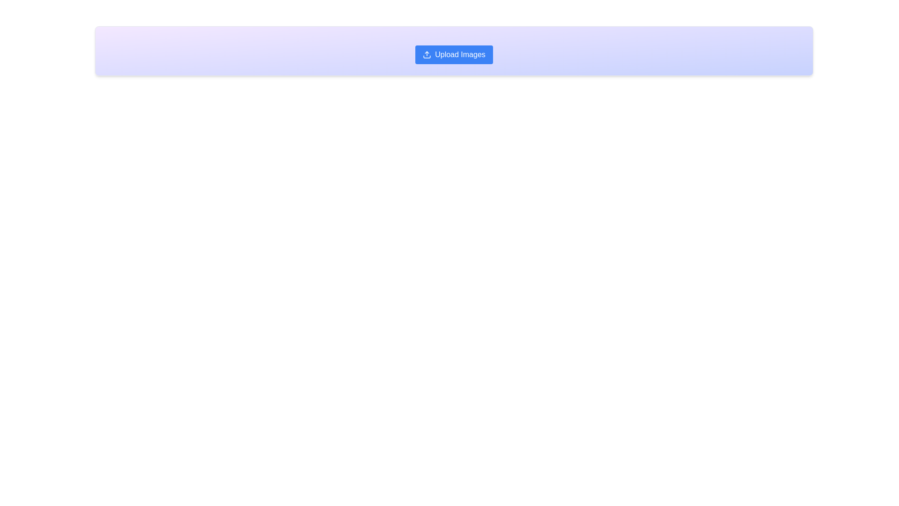  Describe the element at coordinates (454, 54) in the screenshot. I see `the upload button that contains text and an icon for image upload, allowing for keyboard navigation` at that location.